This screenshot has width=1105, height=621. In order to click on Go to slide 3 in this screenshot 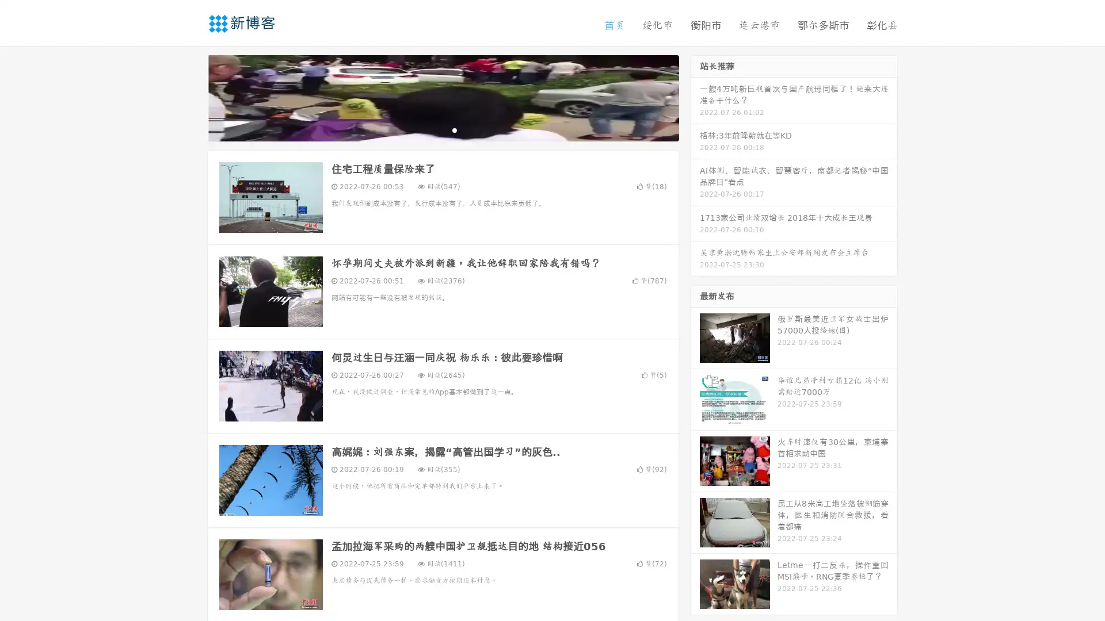, I will do `click(454, 129)`.